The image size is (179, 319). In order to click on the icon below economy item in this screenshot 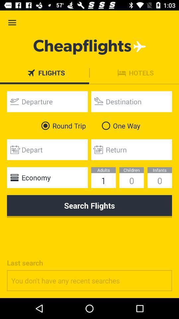, I will do `click(89, 206)`.